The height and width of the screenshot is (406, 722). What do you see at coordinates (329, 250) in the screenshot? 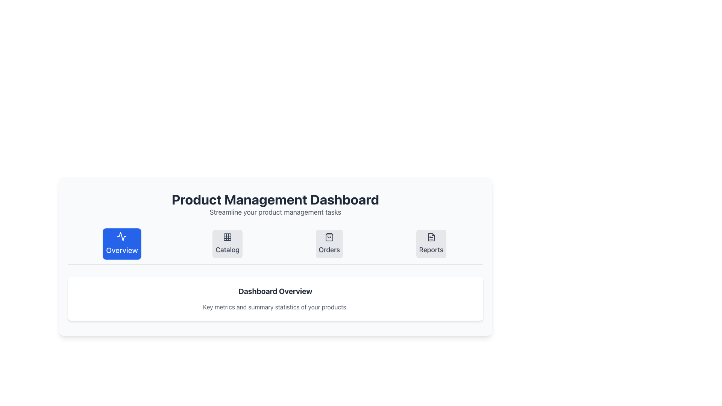
I see `'Orders' text label located below the shopping bag icon in the middle section of the navigation group` at bounding box center [329, 250].